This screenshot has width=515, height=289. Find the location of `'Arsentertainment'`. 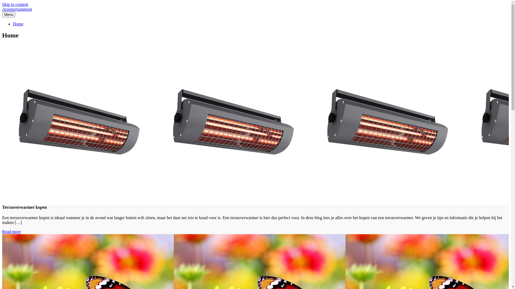

'Arsentertainment' is located at coordinates (17, 9).